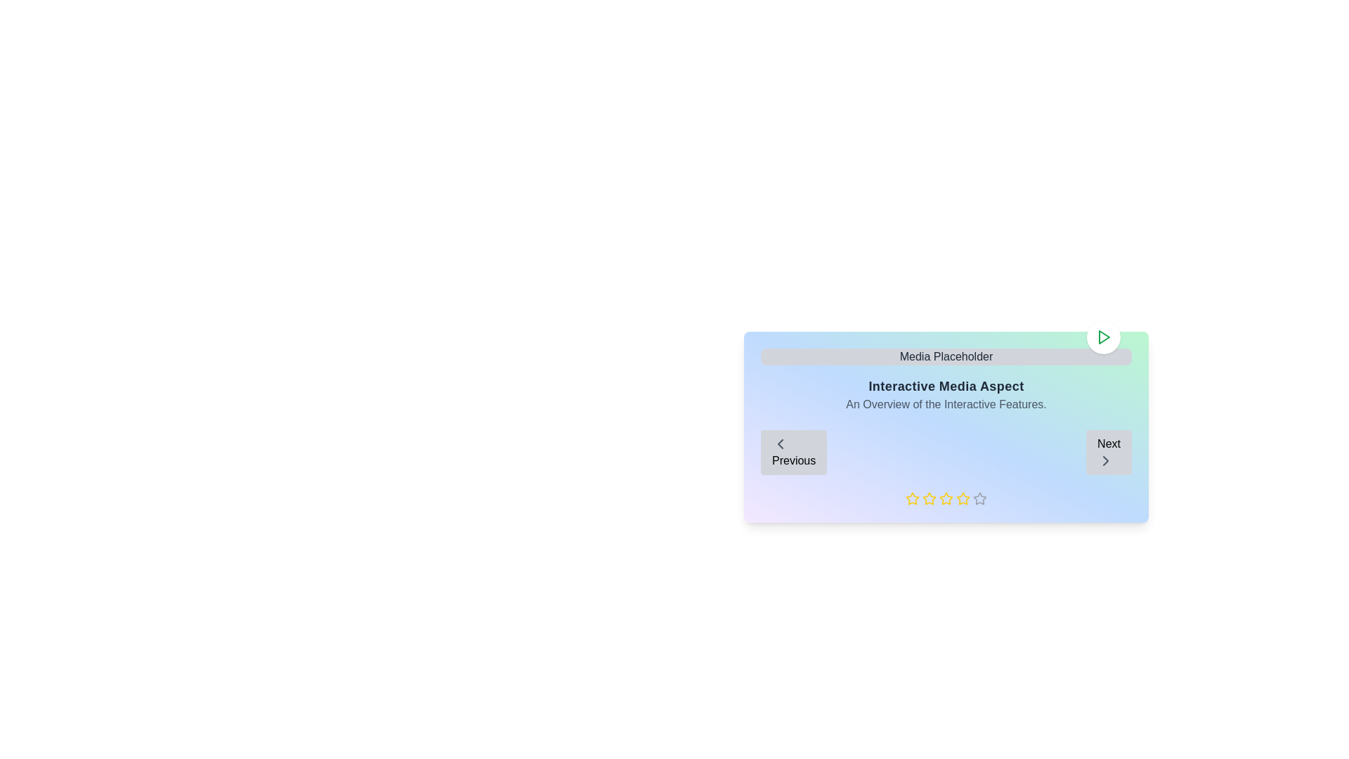  I want to click on the 'play' button located at the bottom-right corner of the 'Media Placeholder' to observe any tooltip or style changes, so click(1102, 337).